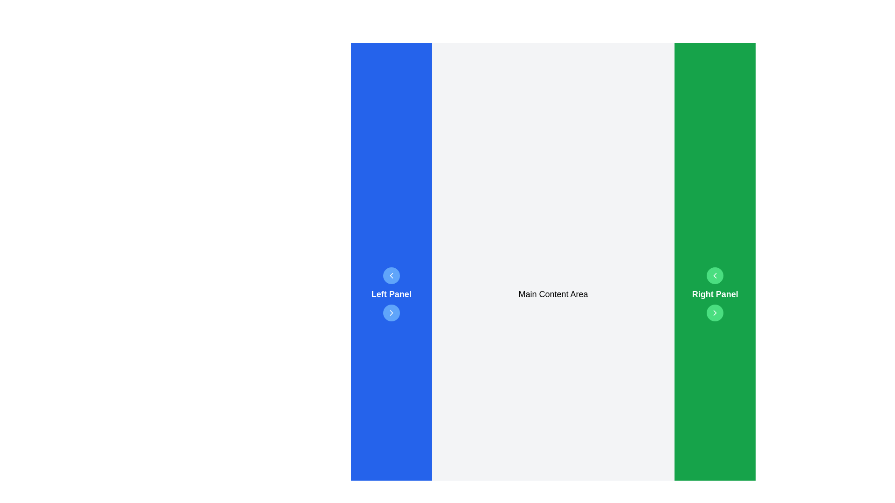 The width and height of the screenshot is (895, 503). What do you see at coordinates (715, 313) in the screenshot?
I see `the forward navigation button located in the Right Panel` at bounding box center [715, 313].